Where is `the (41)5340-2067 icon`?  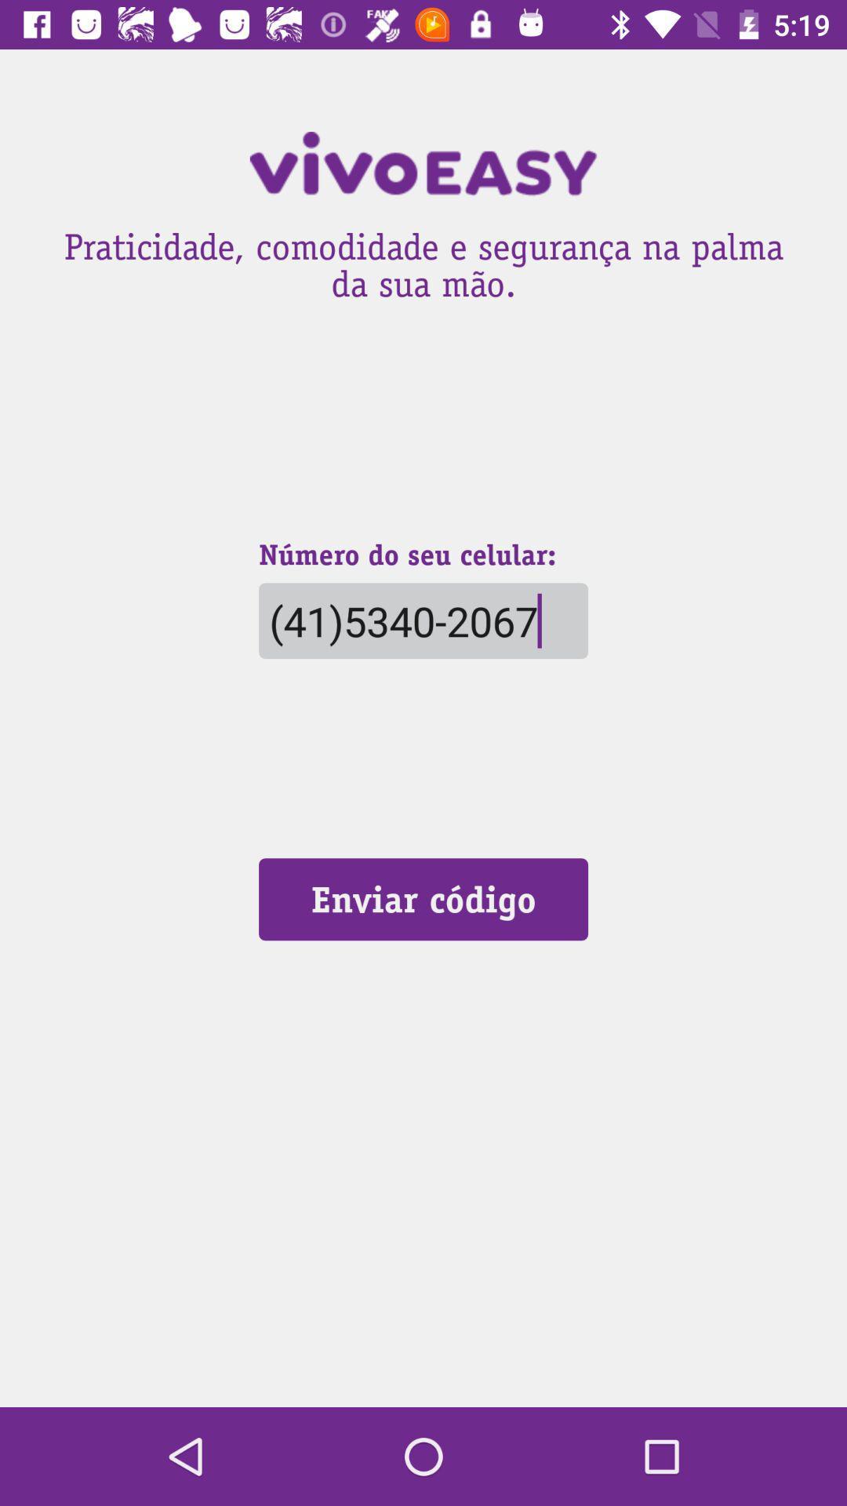
the (41)5340-2067 icon is located at coordinates (423, 620).